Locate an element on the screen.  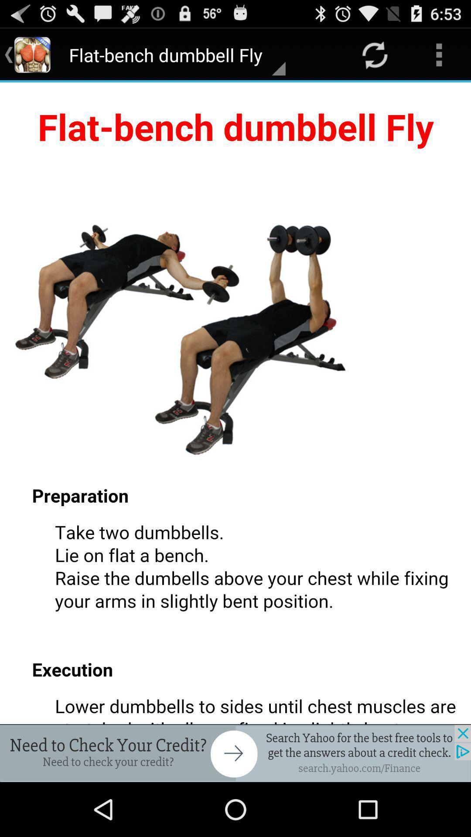
advertisement banner is located at coordinates (235, 753).